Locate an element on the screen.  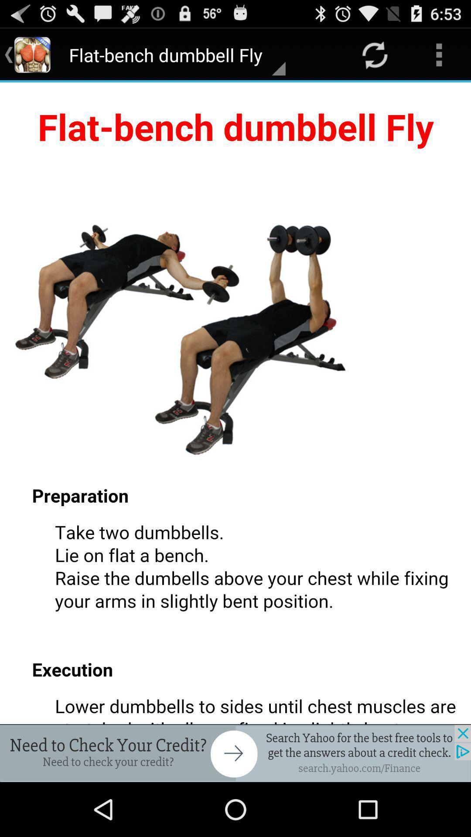
advertisement banner is located at coordinates (235, 753).